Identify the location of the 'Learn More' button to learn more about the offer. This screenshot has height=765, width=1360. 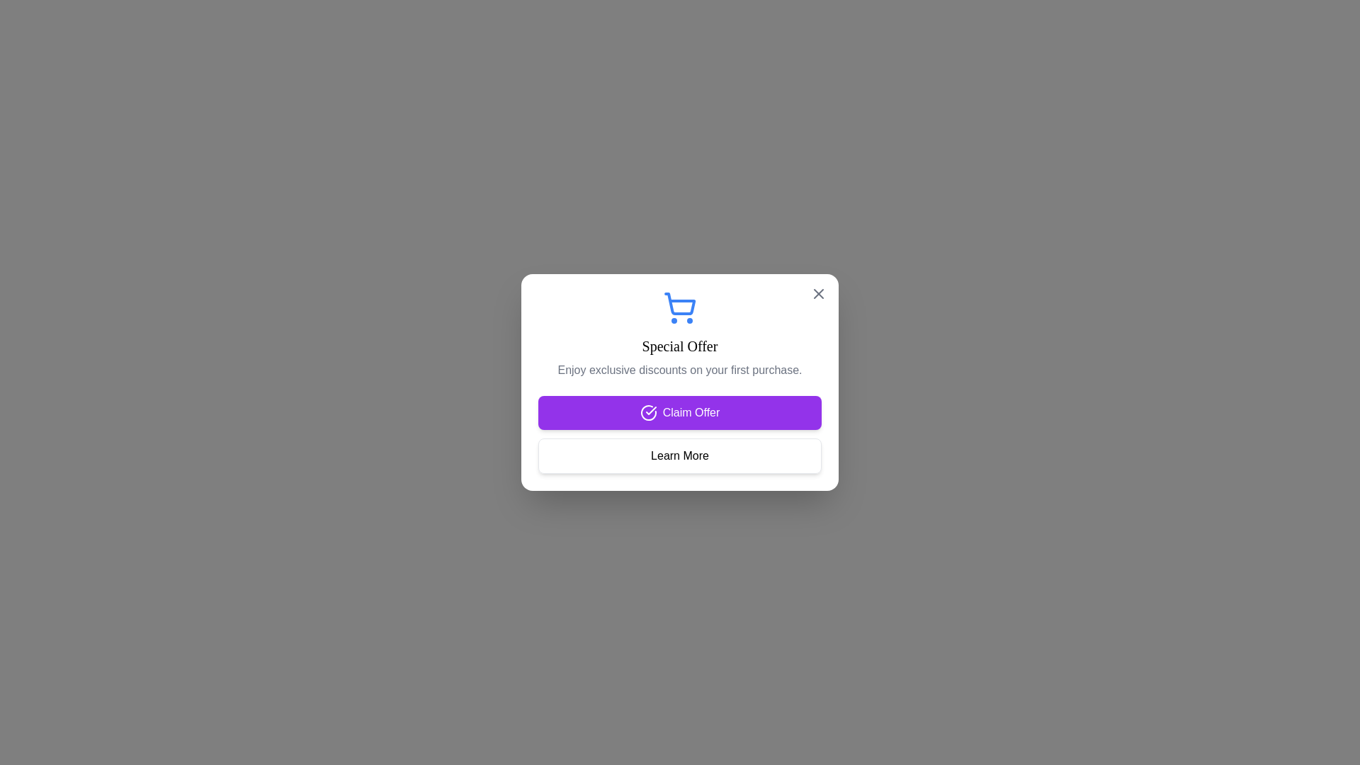
(680, 456).